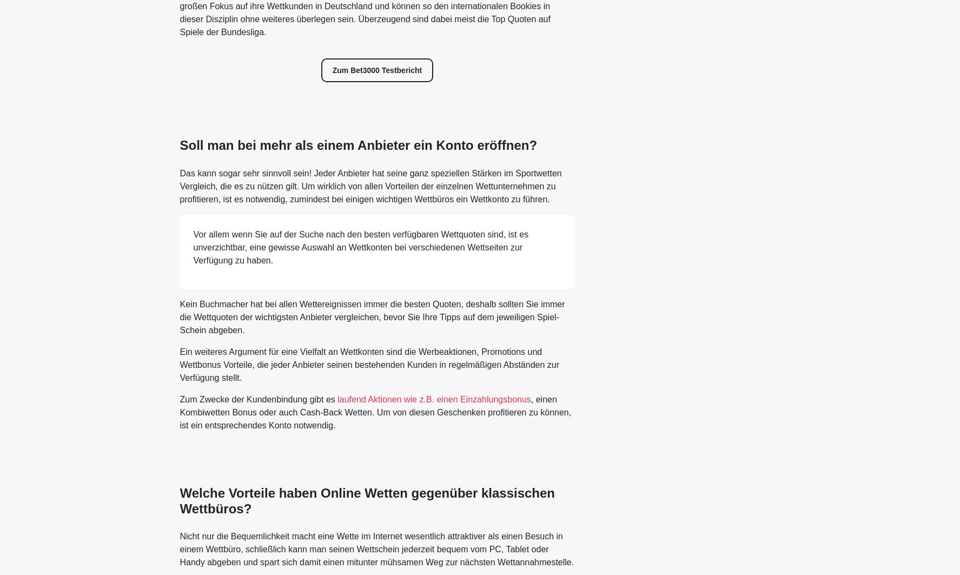  Describe the element at coordinates (369, 363) in the screenshot. I see `'Ein weiteres Argument für eine Vielfalt an Wettkonten sind die Werbeaktionen, Promotions und Wettbonus Vorteile, die jeder Anbieter seinen bestehenden Kunden in regelmäßigen Abständen zur Verfügung stellt.'` at that location.